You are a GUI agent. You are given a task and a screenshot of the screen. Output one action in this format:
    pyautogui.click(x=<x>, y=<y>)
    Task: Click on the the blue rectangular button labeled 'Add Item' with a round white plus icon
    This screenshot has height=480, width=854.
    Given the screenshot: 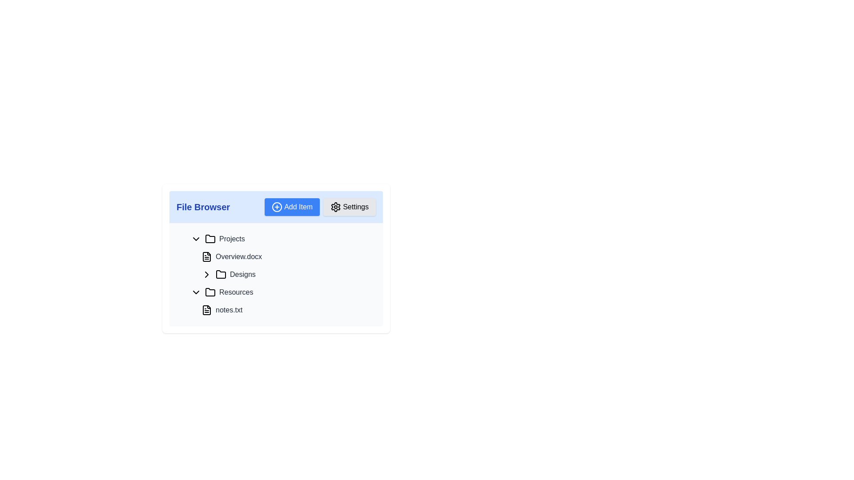 What is the action you would take?
    pyautogui.click(x=292, y=207)
    